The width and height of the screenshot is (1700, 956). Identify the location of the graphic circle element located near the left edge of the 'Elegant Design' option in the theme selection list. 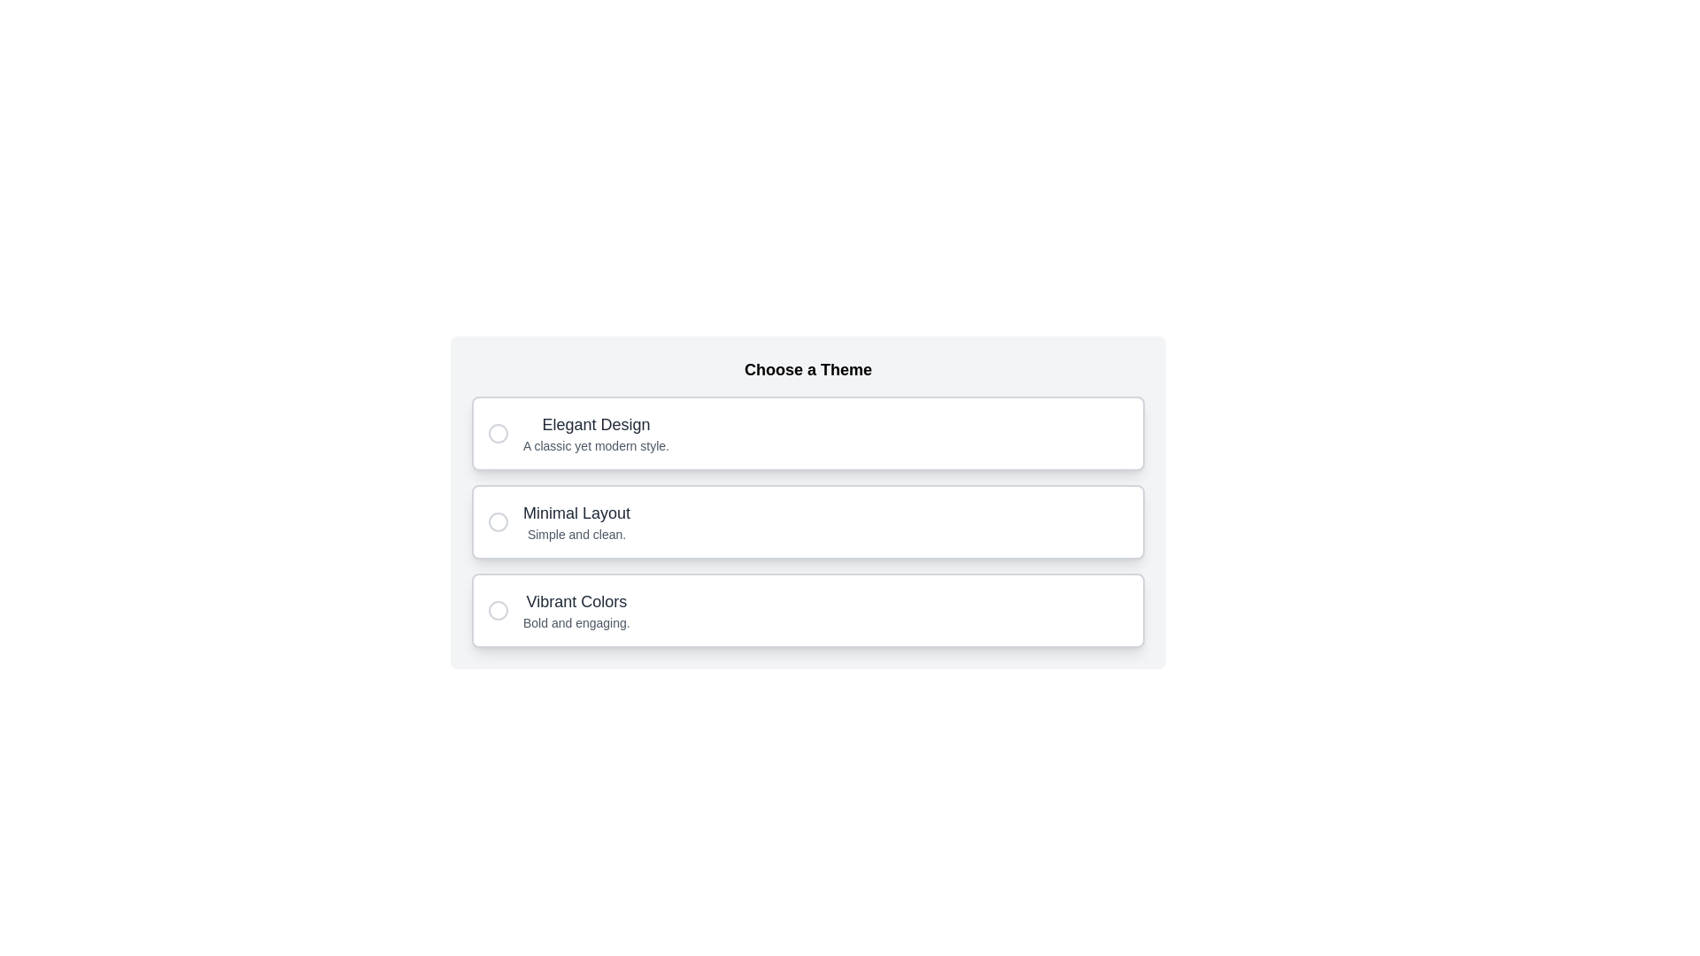
(497, 433).